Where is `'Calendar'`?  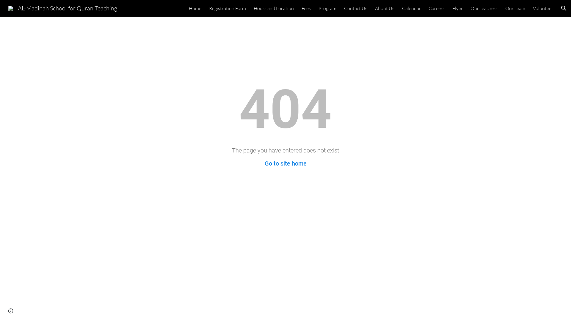
'Calendar' is located at coordinates (411, 8).